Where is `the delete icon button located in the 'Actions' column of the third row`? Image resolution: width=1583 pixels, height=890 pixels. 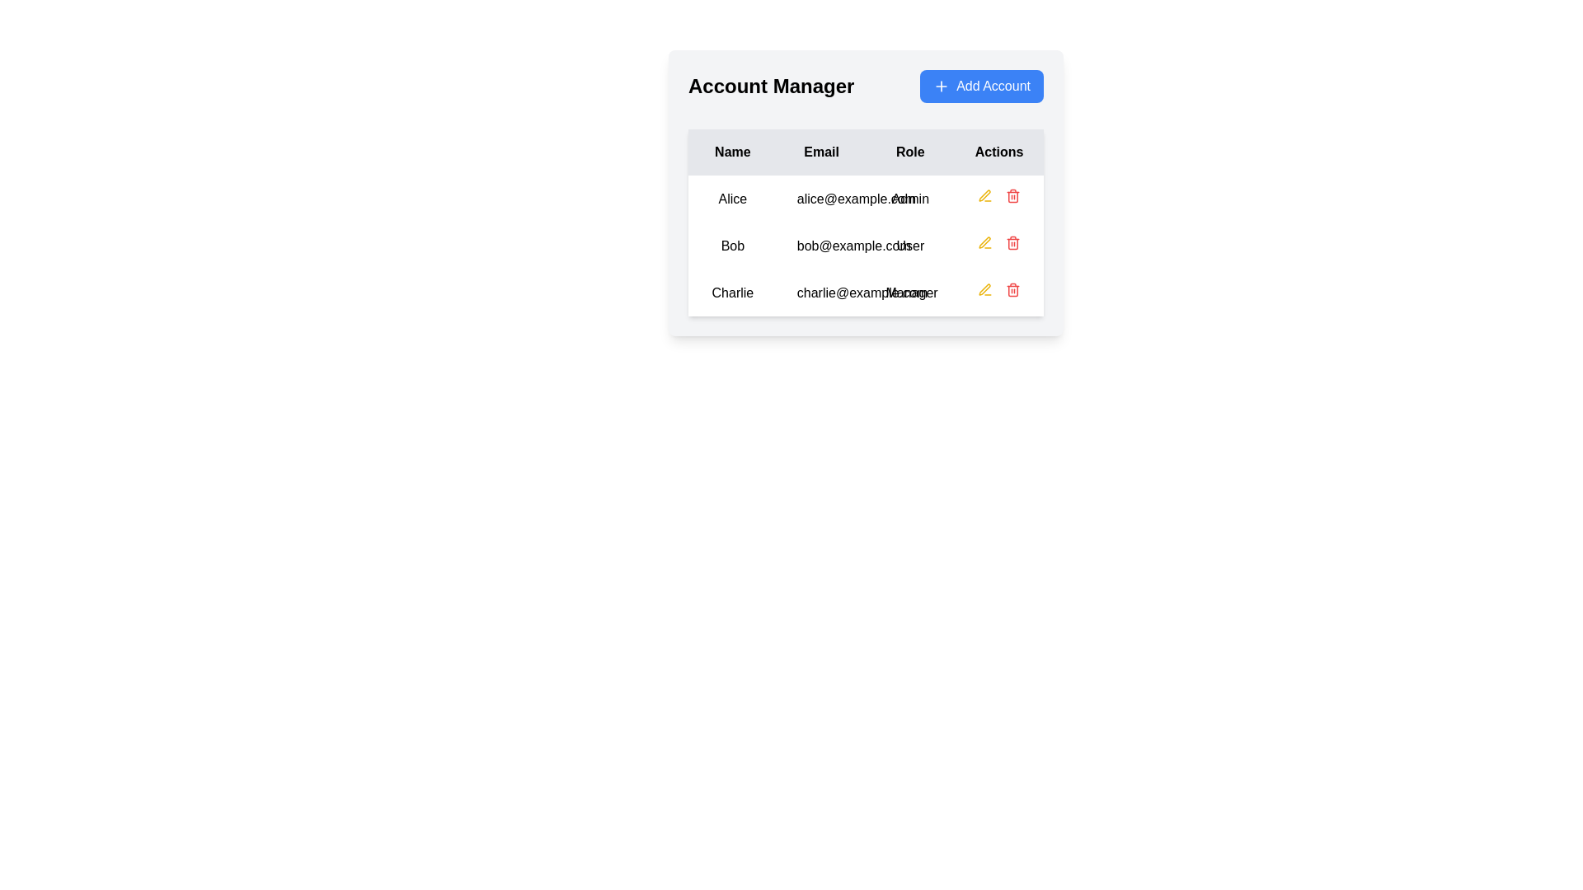 the delete icon button located in the 'Actions' column of the third row is located at coordinates (1012, 288).